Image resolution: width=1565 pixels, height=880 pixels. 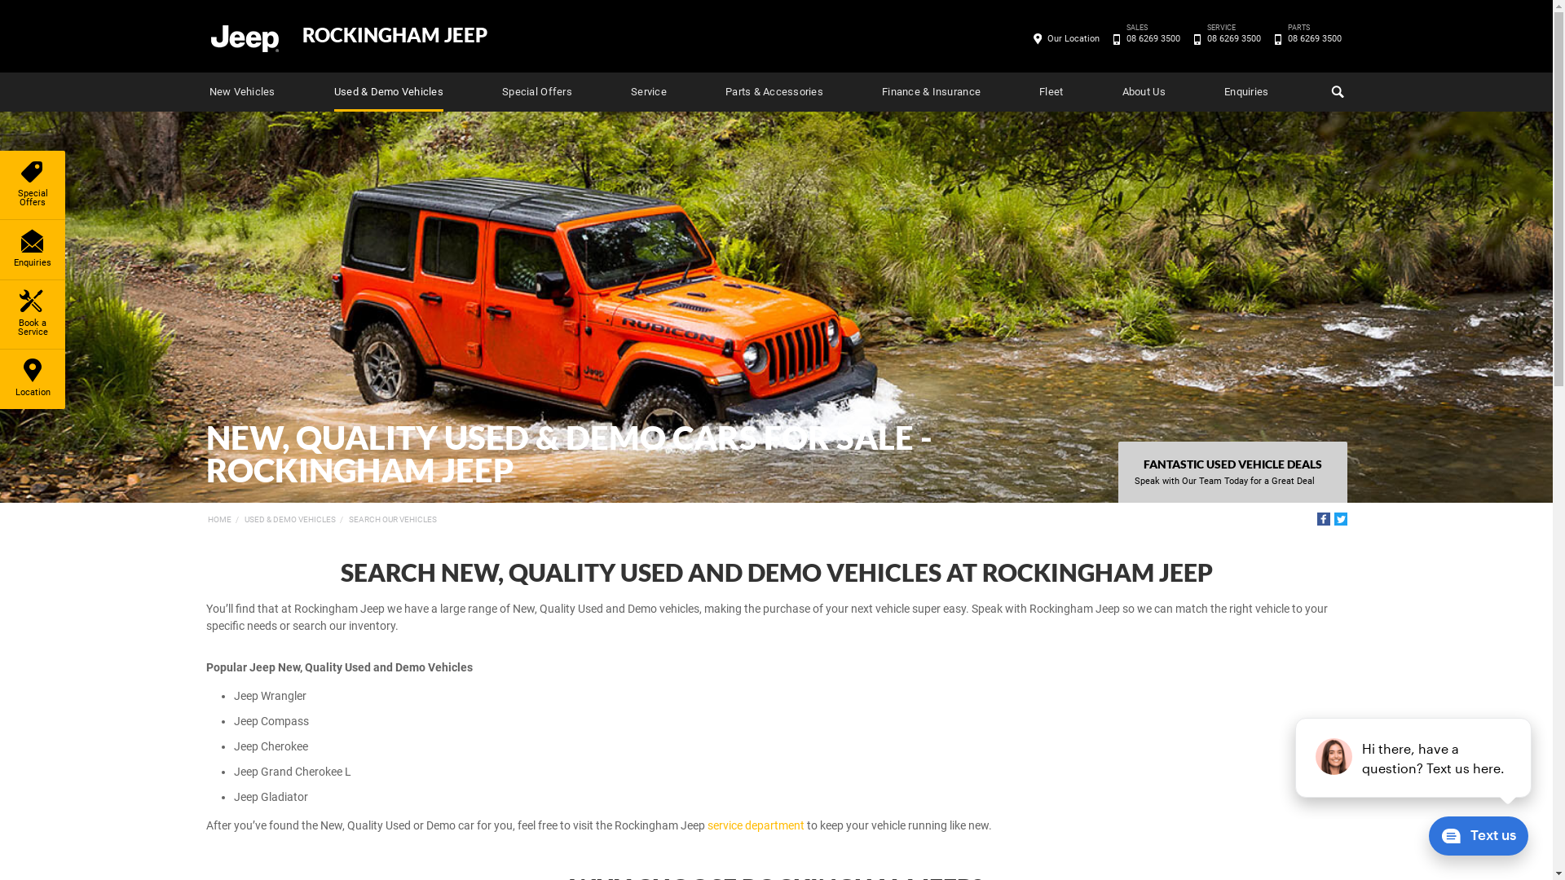 I want to click on 'PARTS, so click(x=1280, y=37).